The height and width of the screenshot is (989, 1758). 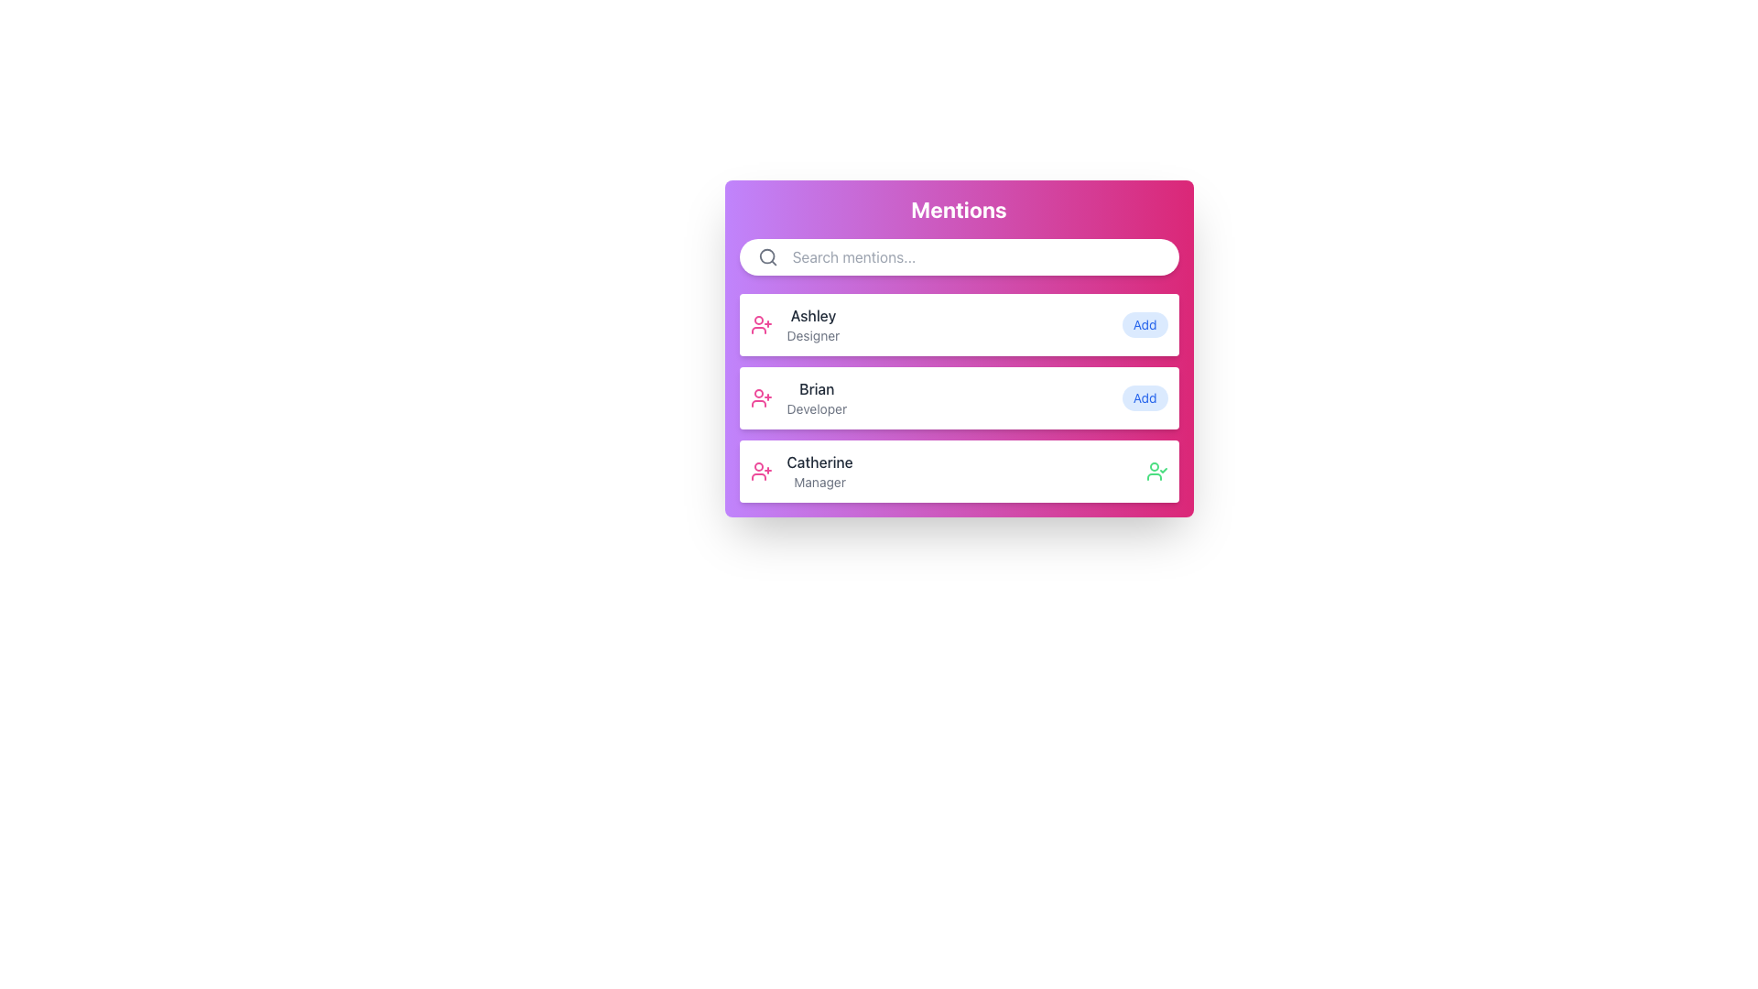 I want to click on the user icon with a plus symbol, styled in pink and having a rounded outline, located above the text 'Ashley' in the UI, so click(x=761, y=323).